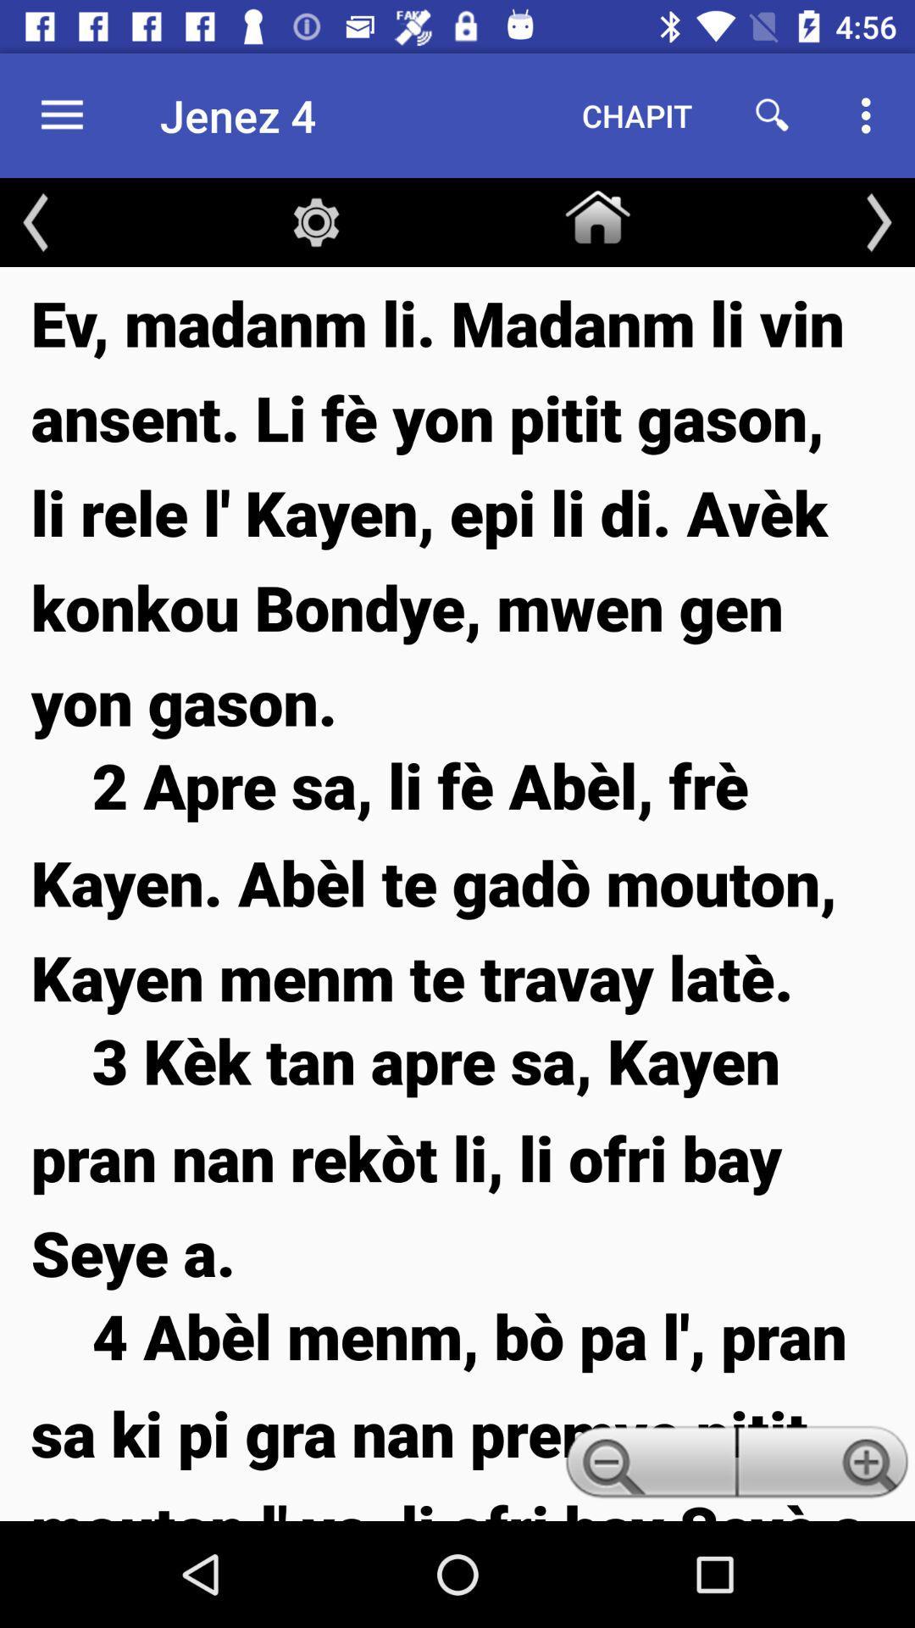 This screenshot has height=1628, width=915. Describe the element at coordinates (61, 114) in the screenshot. I see `item to the left of the jenez 4 icon` at that location.